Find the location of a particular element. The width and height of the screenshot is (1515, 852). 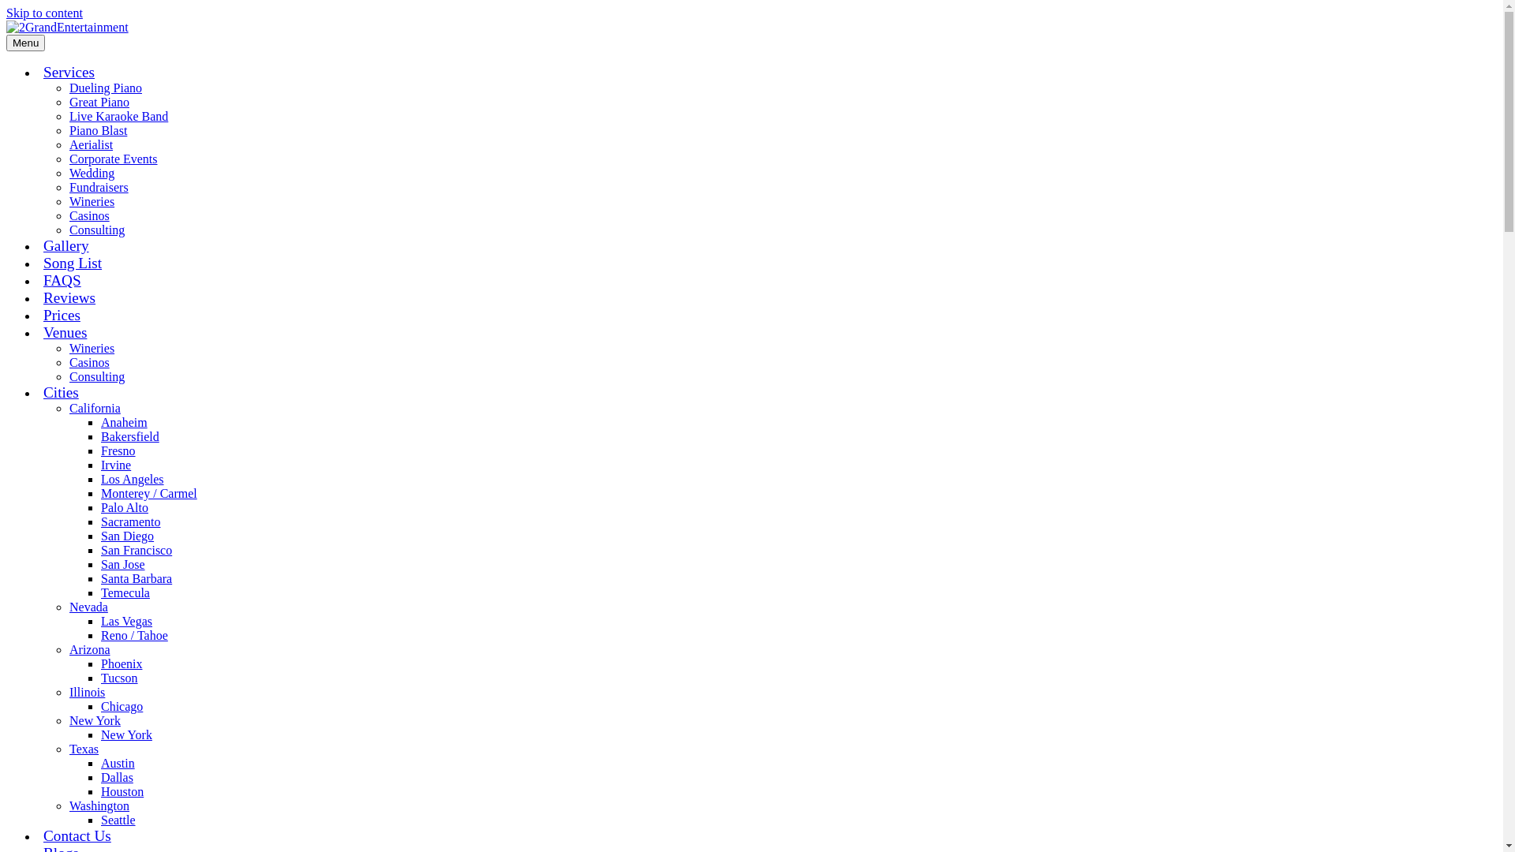

'Monterey / Carmel' is located at coordinates (100, 492).